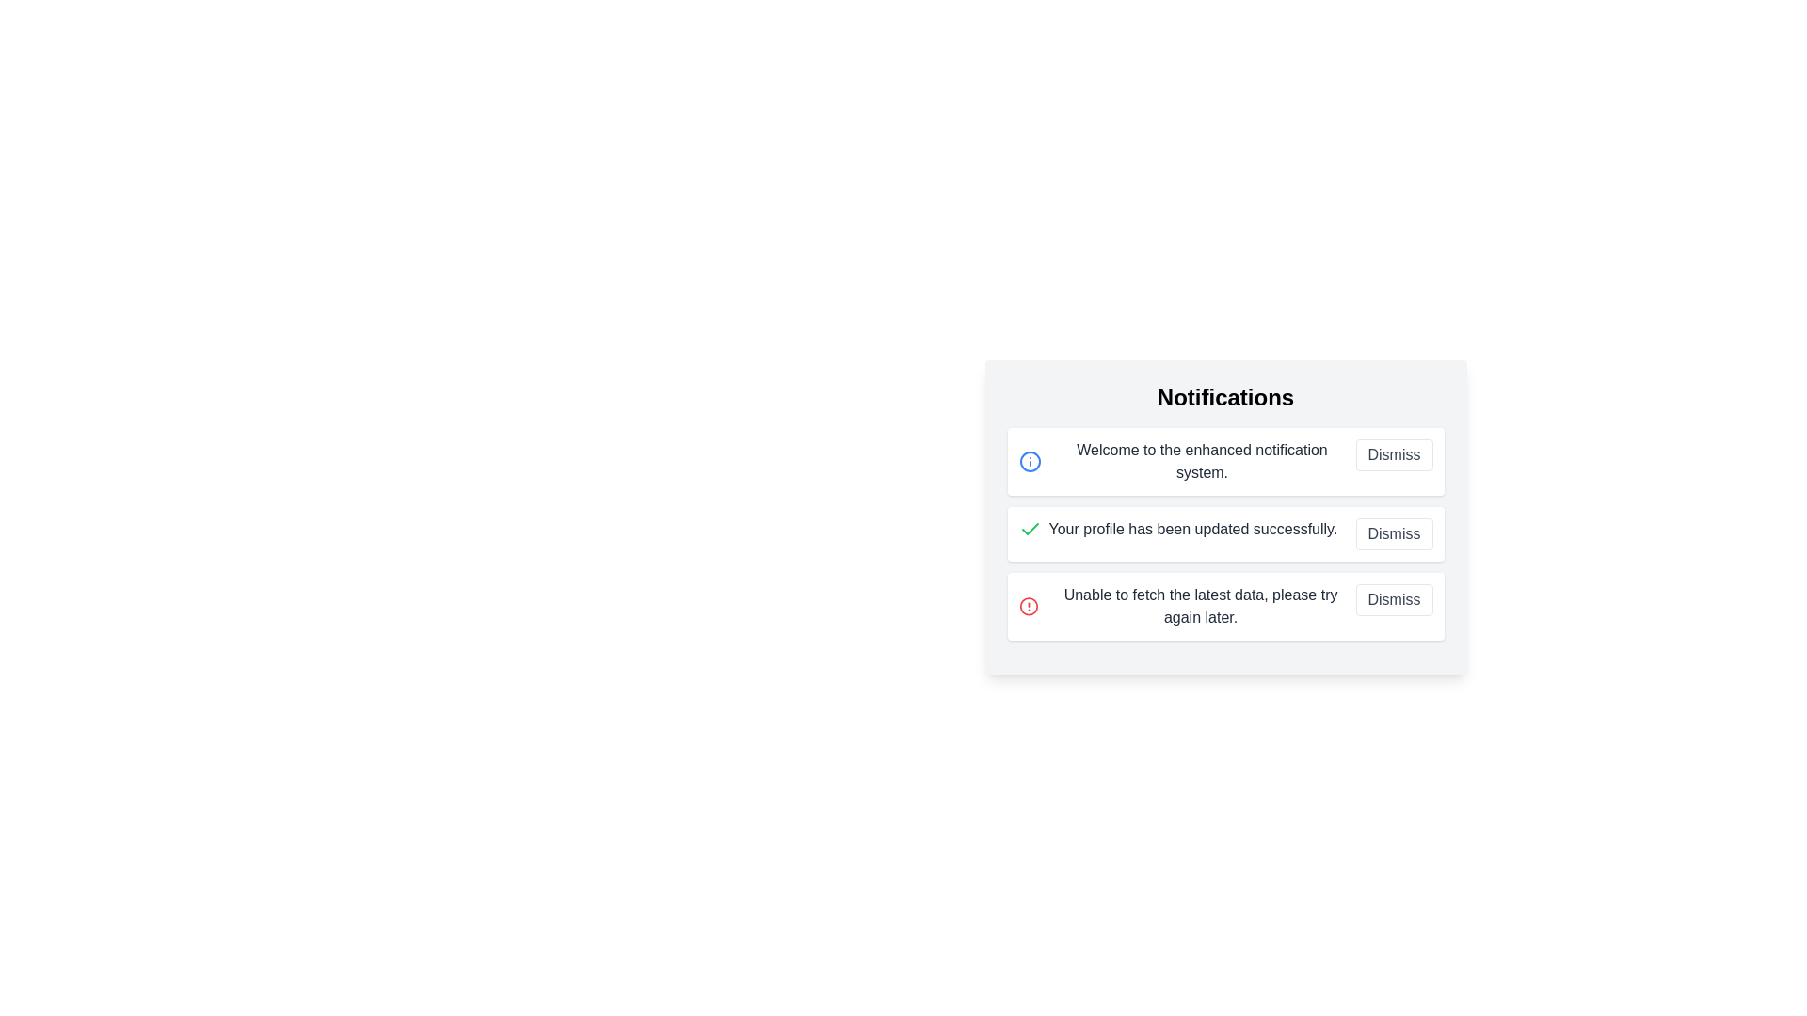 This screenshot has width=1807, height=1016. Describe the element at coordinates (1225, 461) in the screenshot. I see `message from the first notification row located under the title 'Notifications', which contains an informative icon on the left, a descriptive message in the center, and an actionable button labeled 'Dismiss' on the right` at that location.